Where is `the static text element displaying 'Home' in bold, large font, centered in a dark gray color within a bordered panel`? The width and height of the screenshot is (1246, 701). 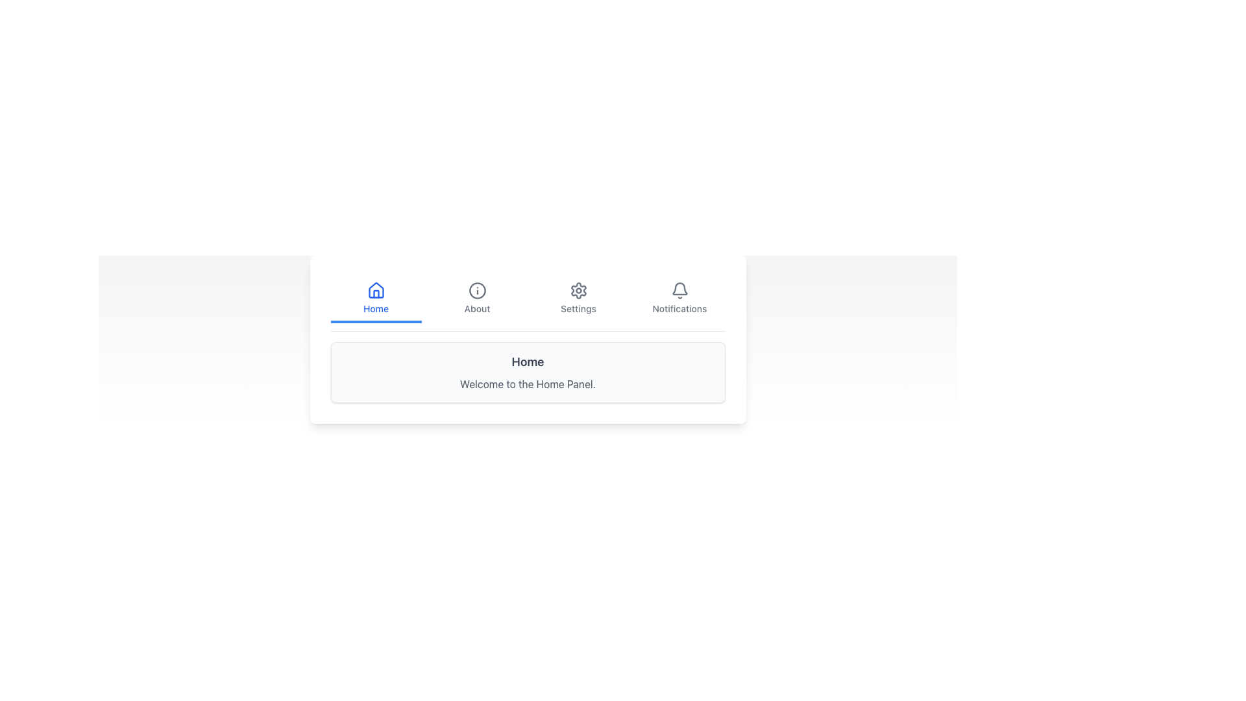
the static text element displaying 'Home' in bold, large font, centered in a dark gray color within a bordered panel is located at coordinates (528, 362).